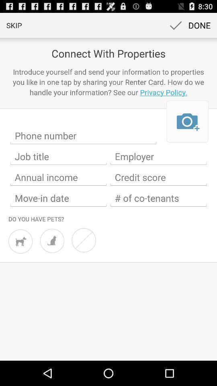 The height and width of the screenshot is (386, 217). I want to click on phone number, so click(83, 136).